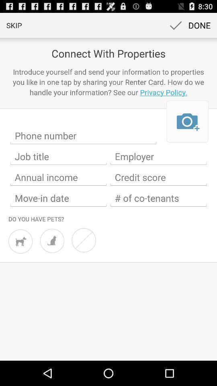 The height and width of the screenshot is (386, 217). I want to click on phone number, so click(83, 136).